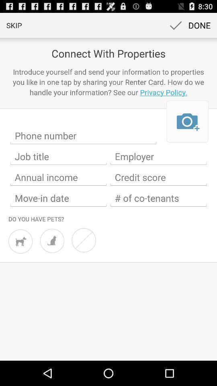 The height and width of the screenshot is (386, 217). I want to click on phone number, so click(83, 136).